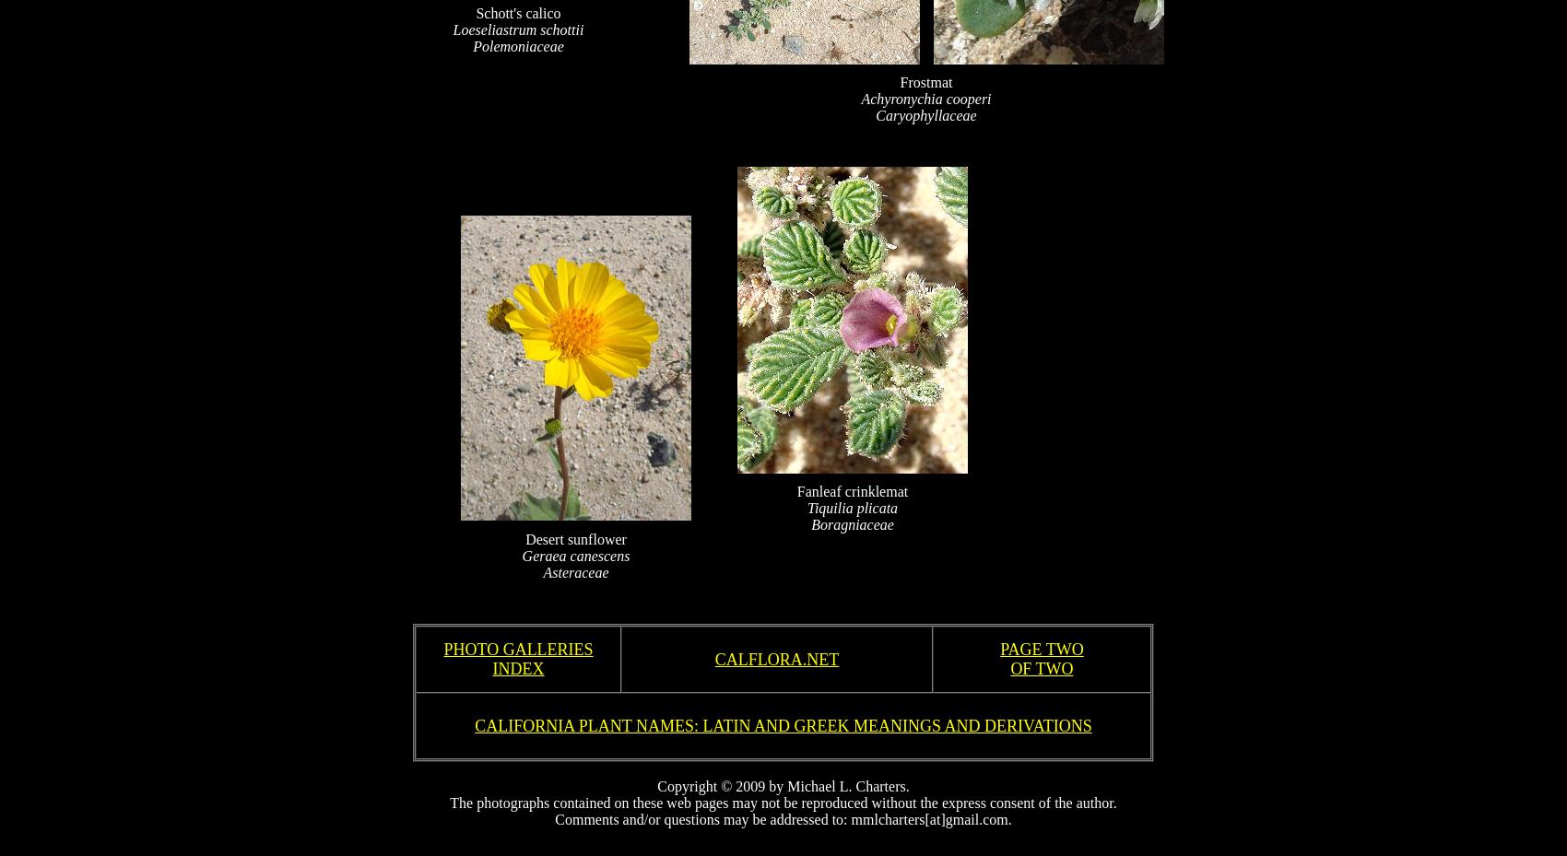 The width and height of the screenshot is (1567, 856). Describe the element at coordinates (925, 114) in the screenshot. I see `'Caryophyllaceae'` at that location.